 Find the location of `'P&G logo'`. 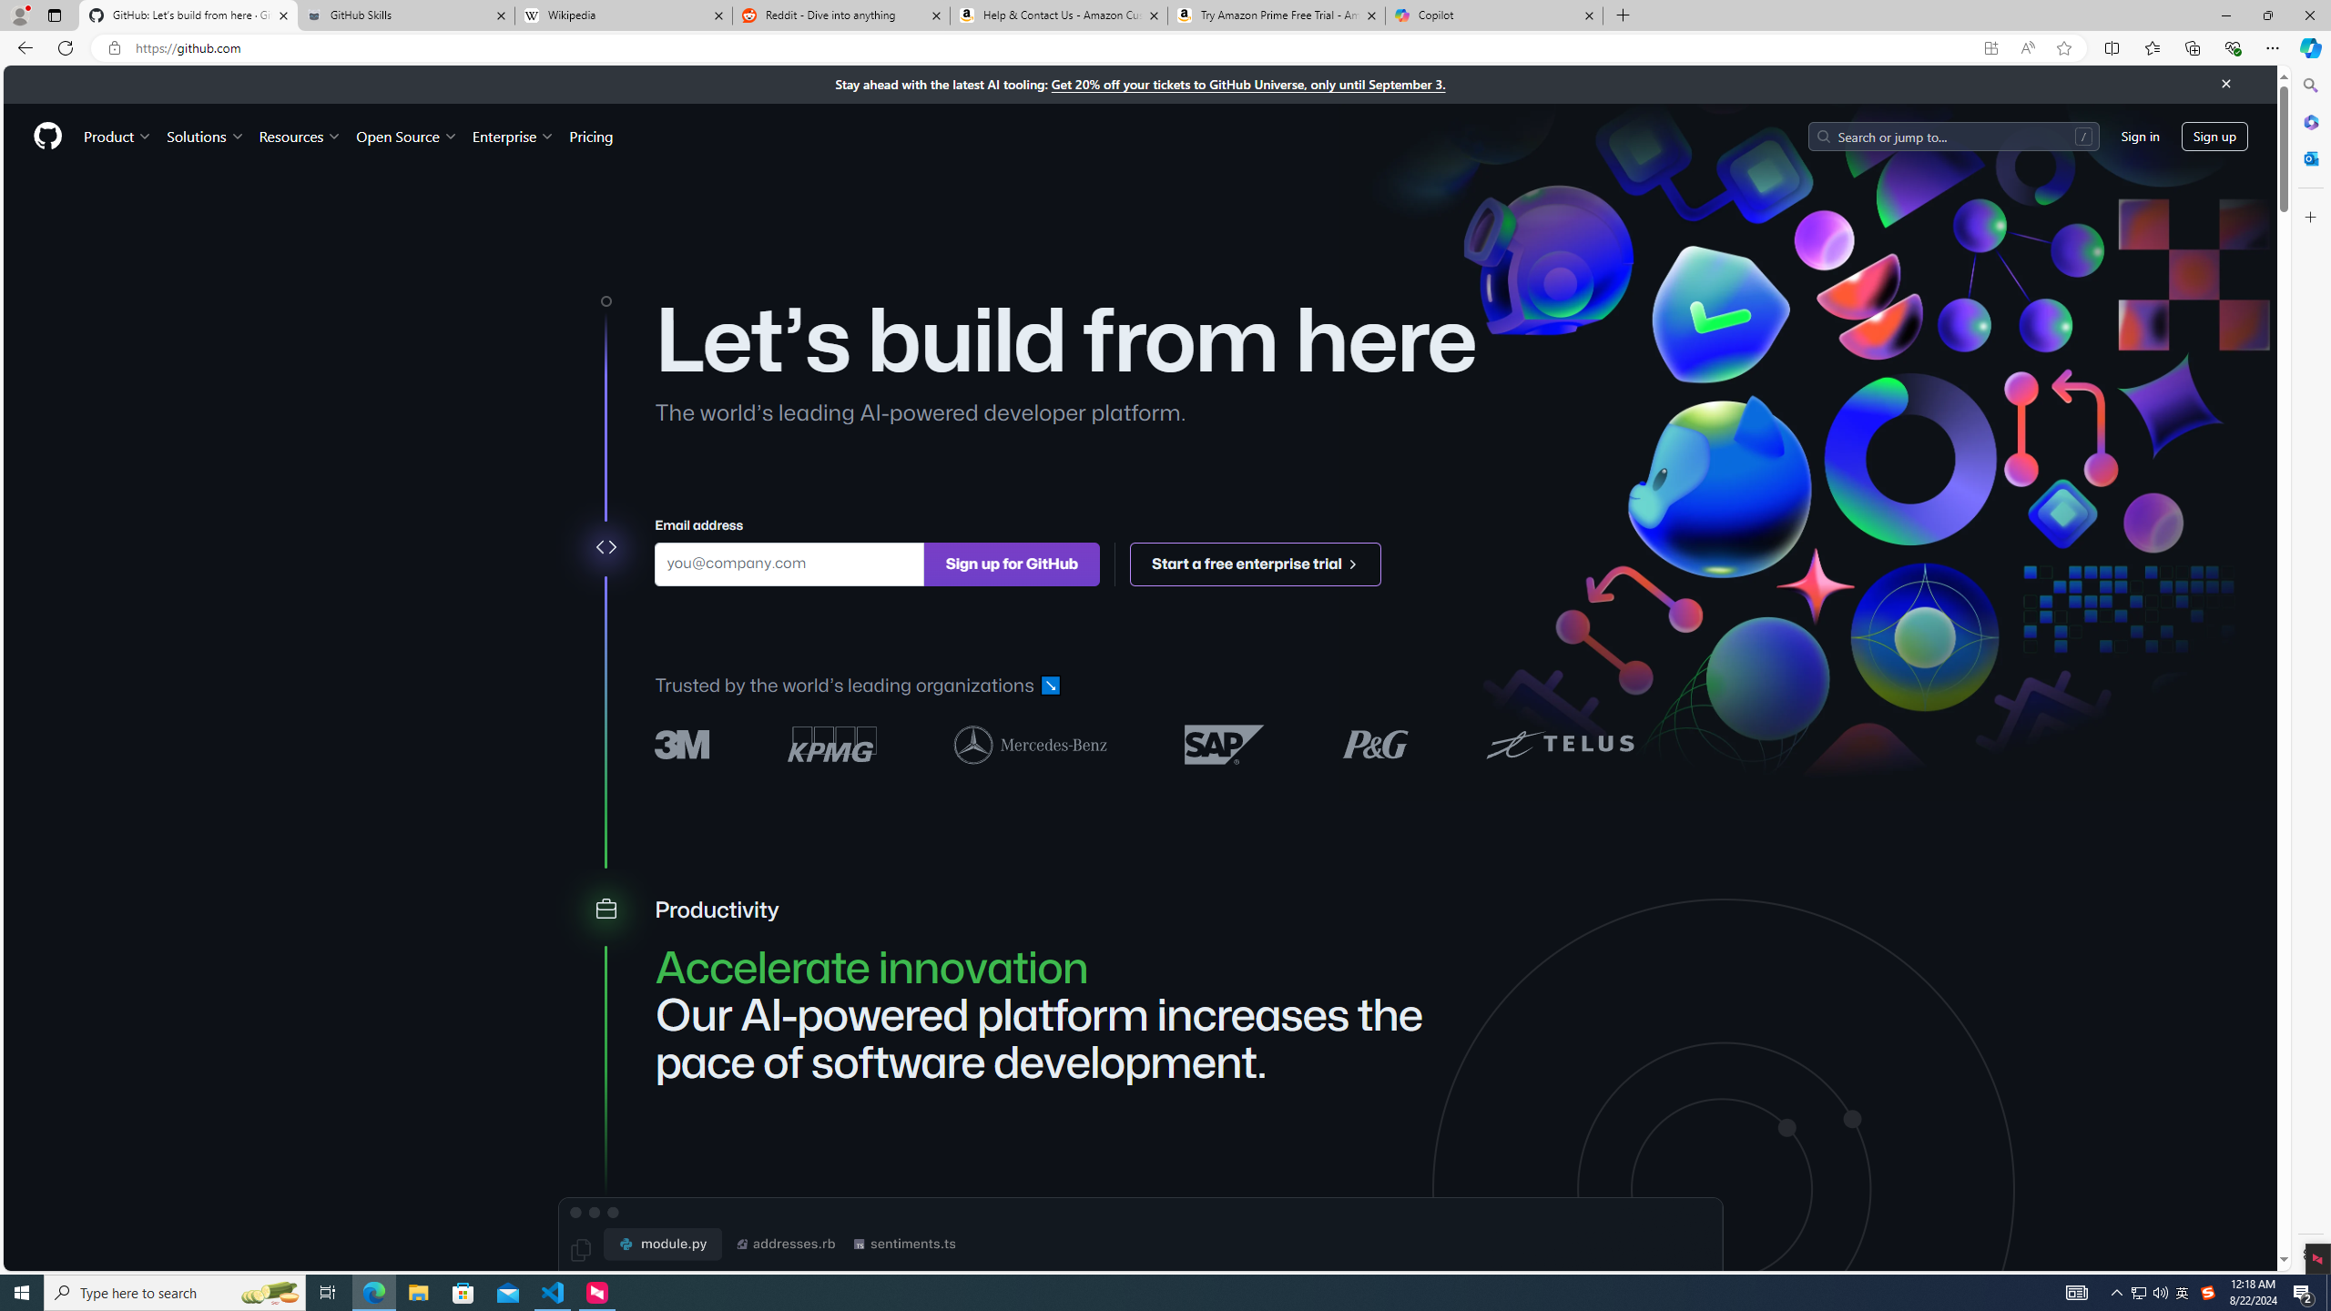

'P&G logo' is located at coordinates (1374, 743).